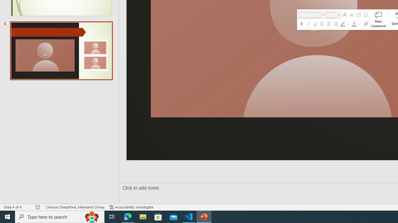 The width and height of the screenshot is (398, 223). What do you see at coordinates (378, 19) in the screenshot?
I see `'New Comment'` at bounding box center [378, 19].